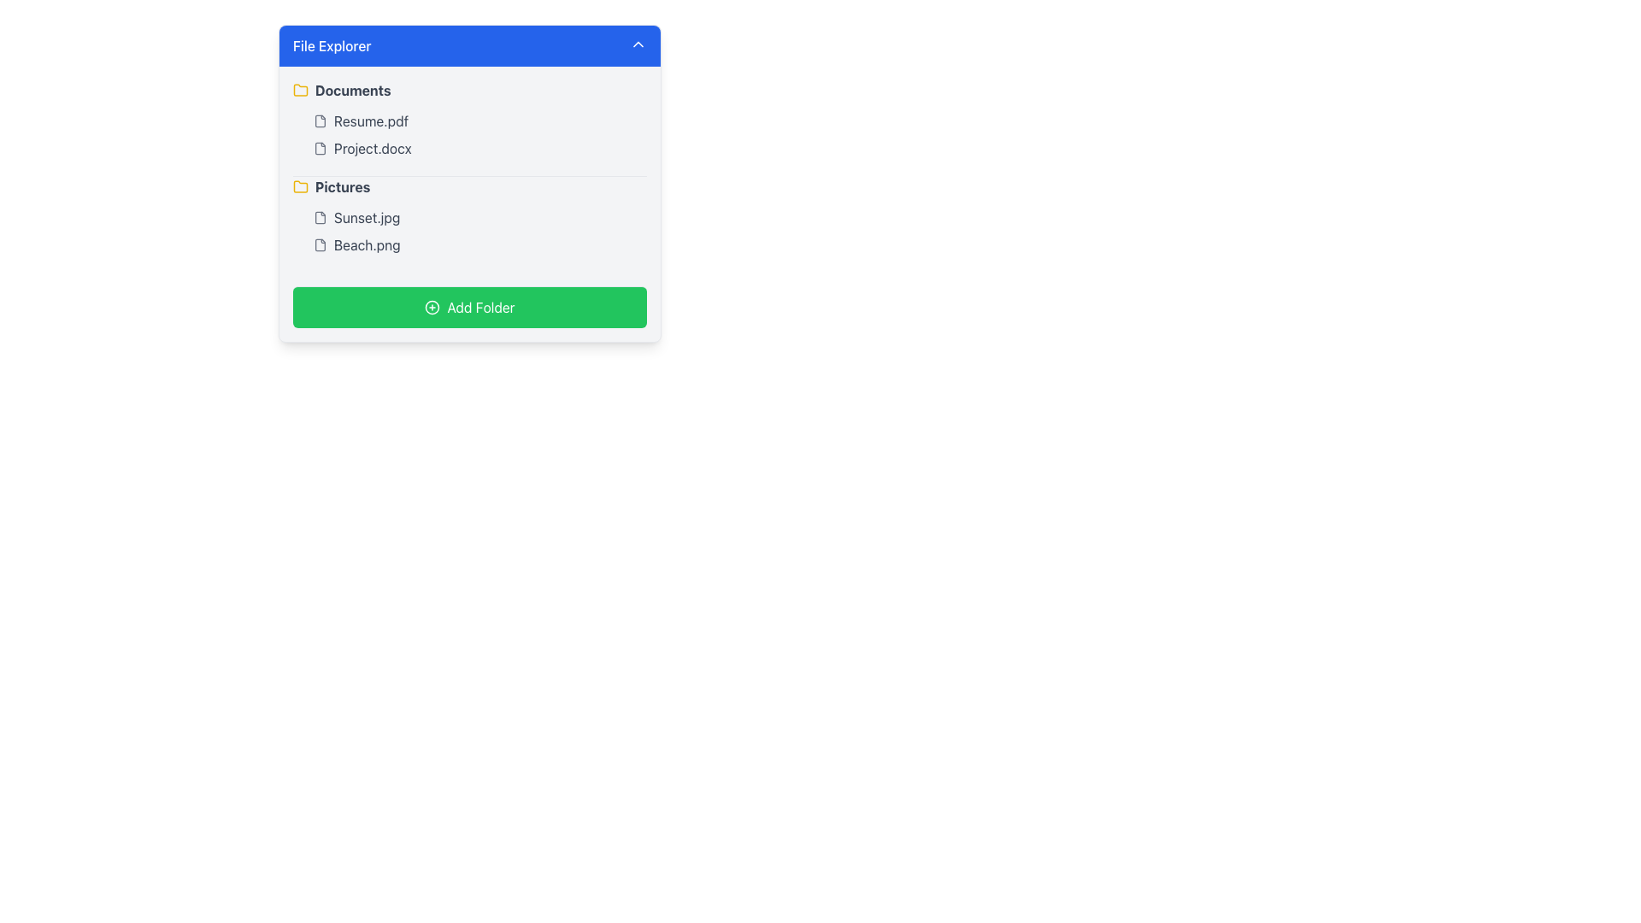 The height and width of the screenshot is (923, 1641). Describe the element at coordinates (320, 147) in the screenshot. I see `the small gray document icon adjacent to the text 'Project.docx' in the file list within the 'Documents' folder` at that location.